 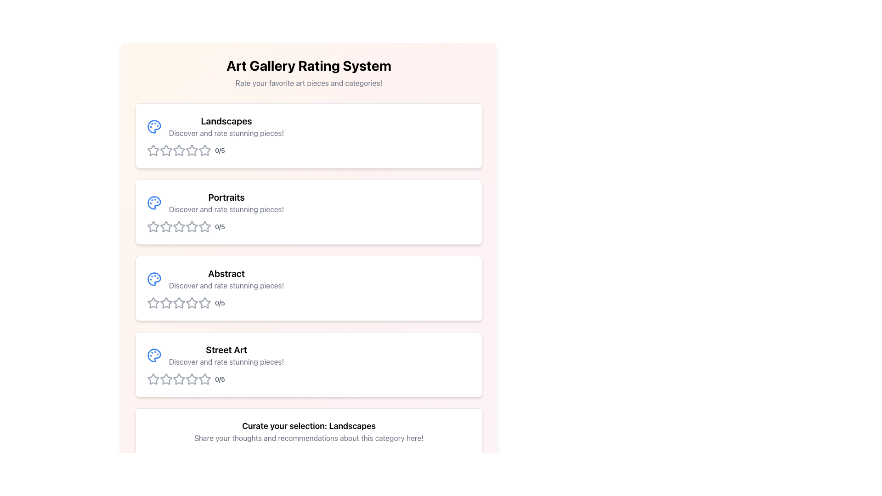 I want to click on the second star from the left in the row of five stars to provide a rating for the 'Abstract' category, so click(x=179, y=303).